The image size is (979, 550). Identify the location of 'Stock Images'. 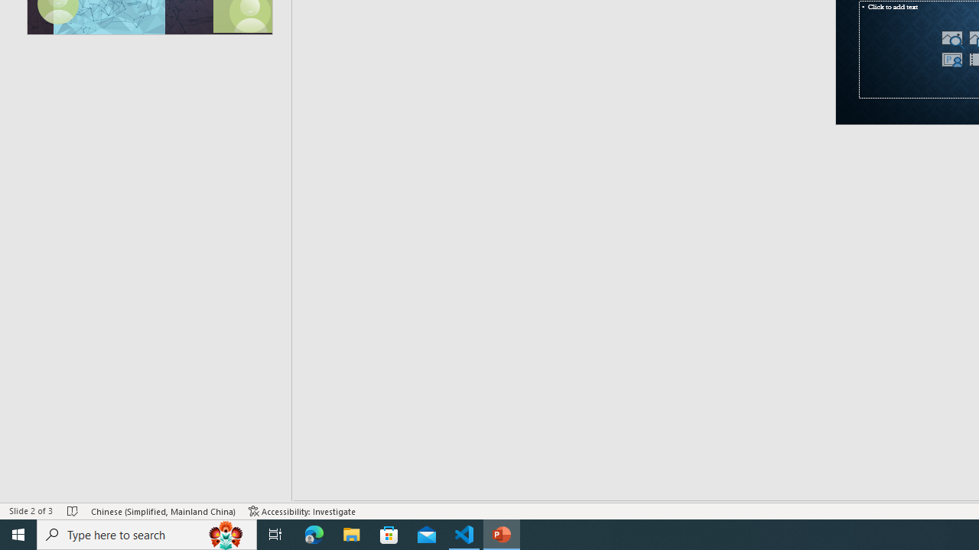
(951, 37).